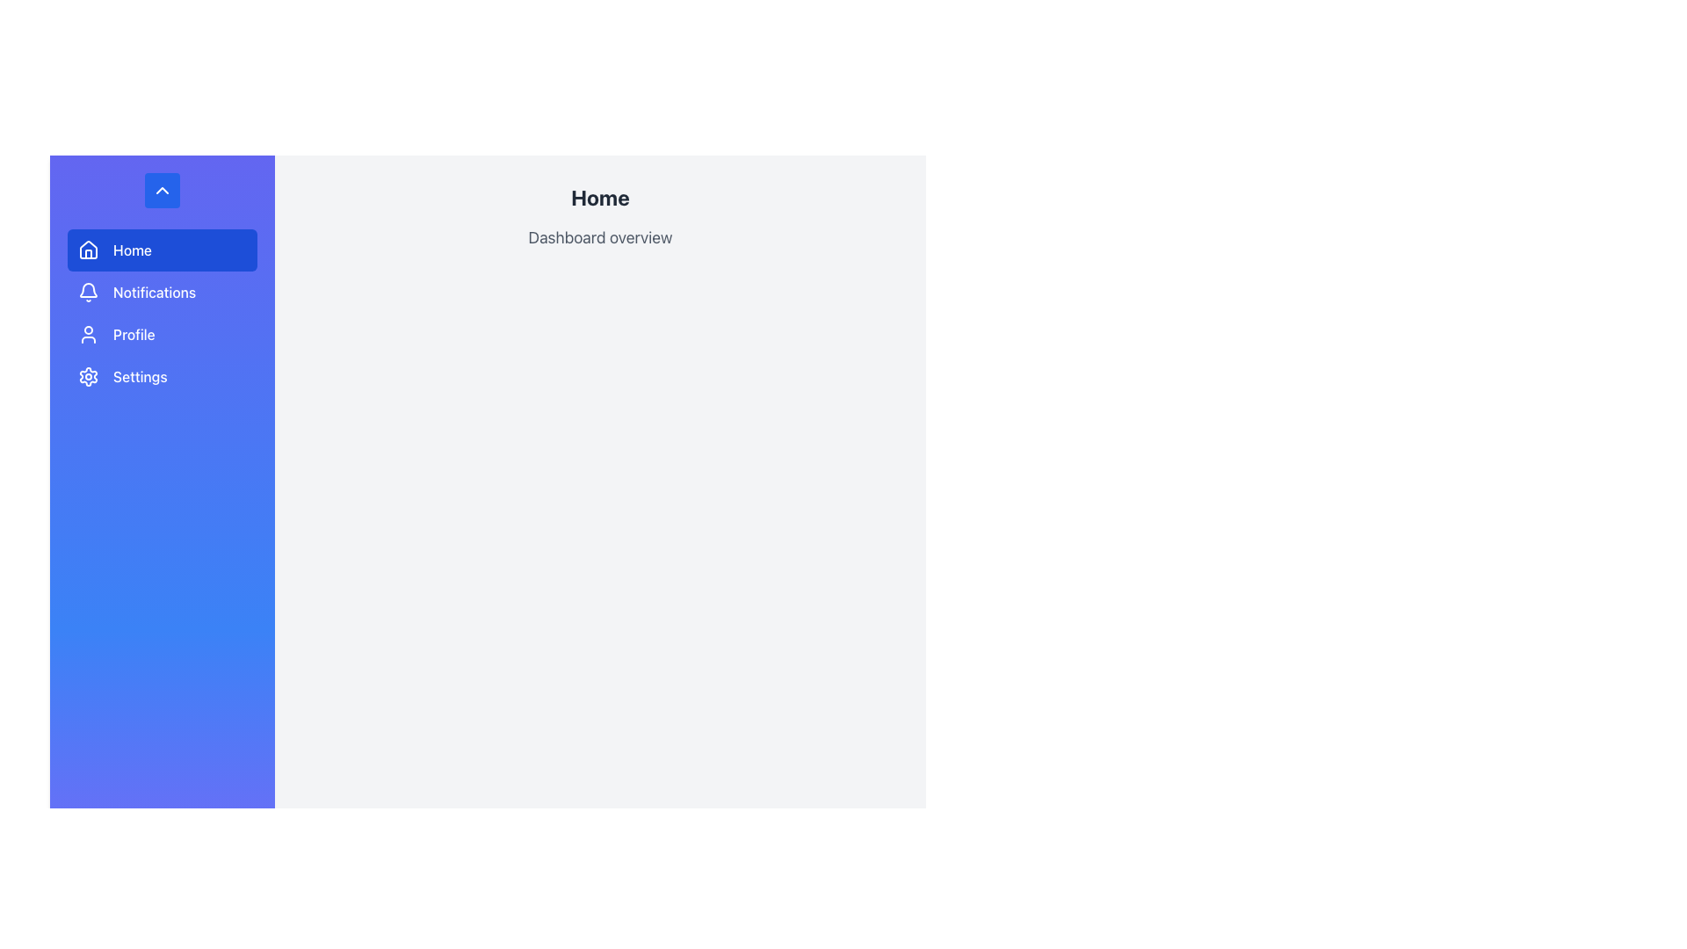 Image resolution: width=1687 pixels, height=949 pixels. Describe the element at coordinates (155, 291) in the screenshot. I see `the 'Notifications' text label in the vertical sidebar menu, which is aligned with its corresponding notification icon and positioned below the 'Home' menu item` at that location.